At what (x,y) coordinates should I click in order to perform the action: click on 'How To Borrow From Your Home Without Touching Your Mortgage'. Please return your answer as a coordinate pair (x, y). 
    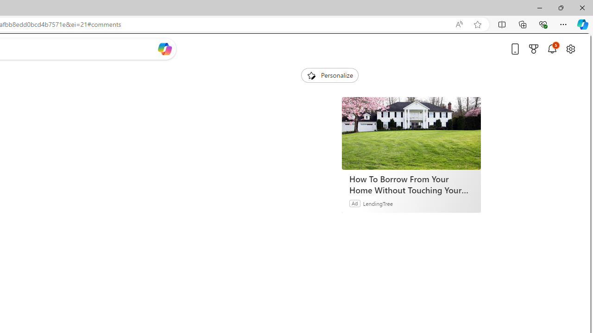
    Looking at the image, I should click on (411, 133).